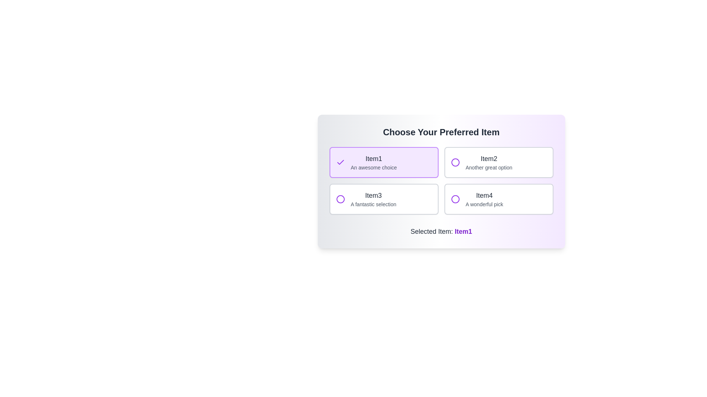 This screenshot has height=397, width=707. What do you see at coordinates (455, 199) in the screenshot?
I see `the unselected purple radio button for 'Item4' labeled 'A wonderful pick'` at bounding box center [455, 199].